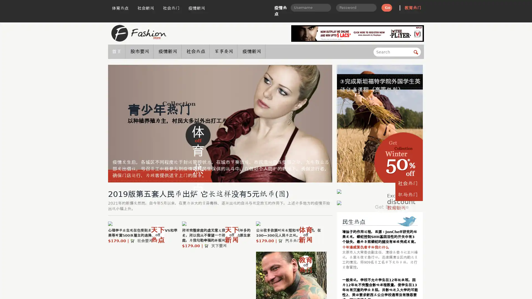  Describe the element at coordinates (386, 7) in the screenshot. I see `Go` at that location.